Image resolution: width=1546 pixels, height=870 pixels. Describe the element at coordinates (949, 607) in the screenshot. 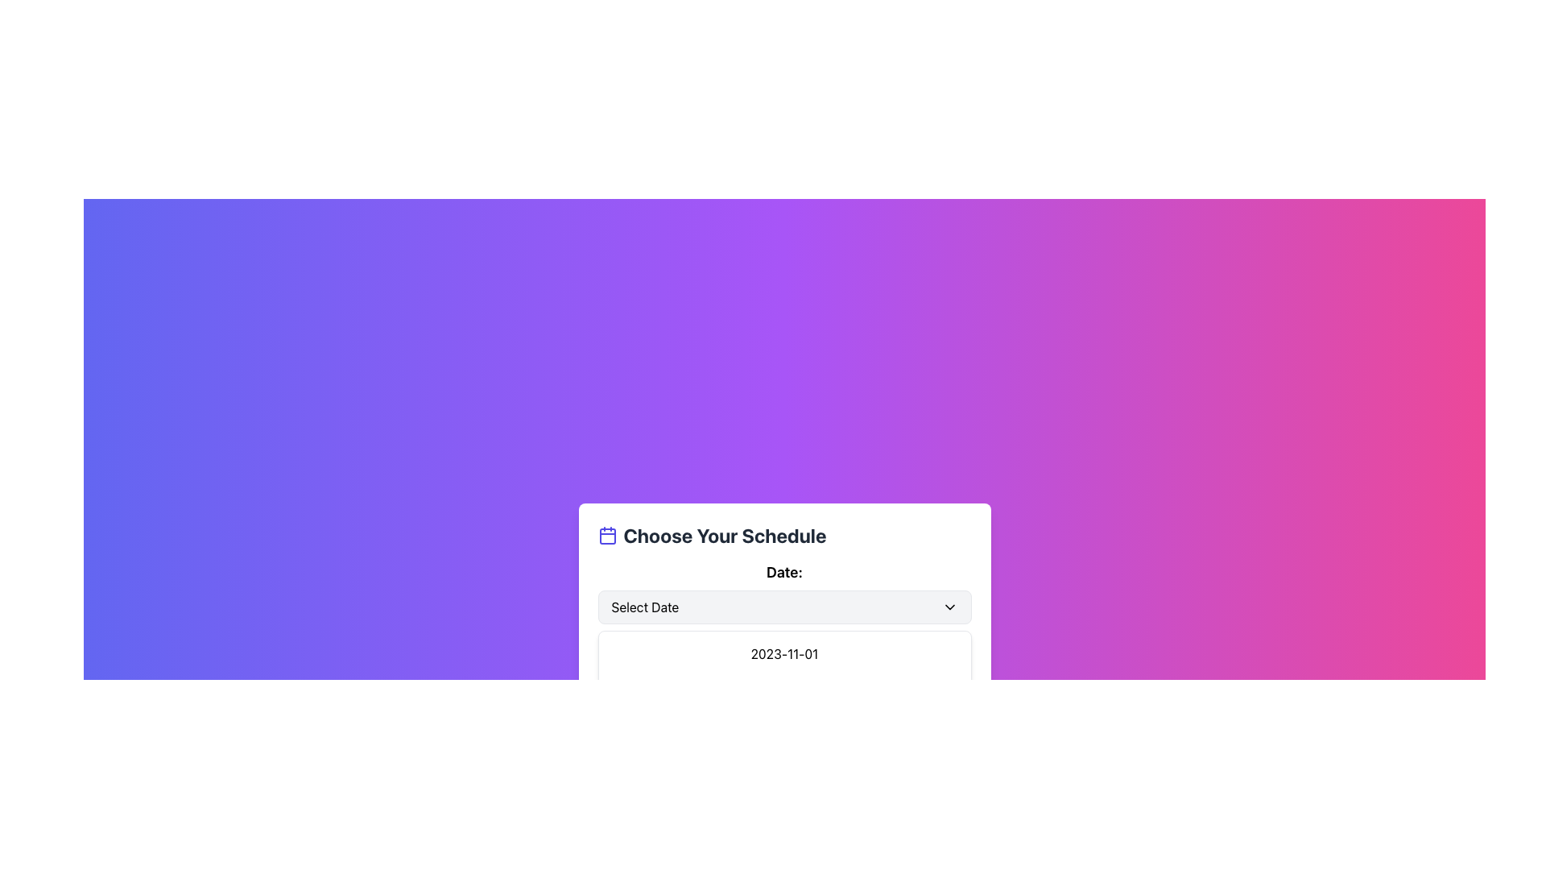

I see `the small downward-pointing chevron icon next to the text 'Select Date'` at that location.